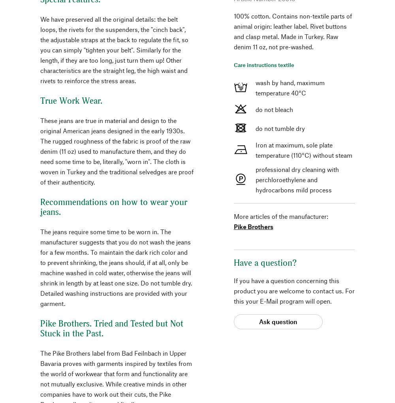  I want to click on 'do not tumble dry', so click(279, 127).